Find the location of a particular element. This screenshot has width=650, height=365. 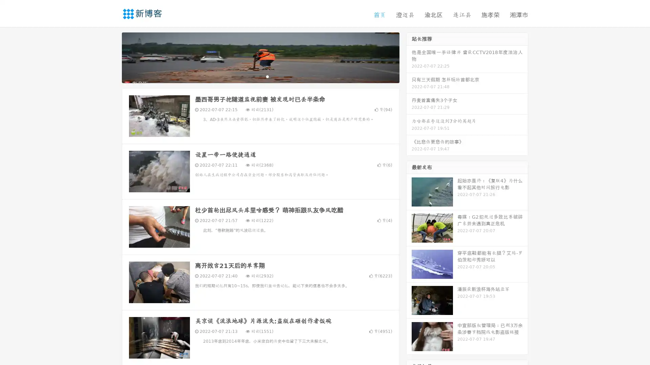

Previous slide is located at coordinates (112, 57).